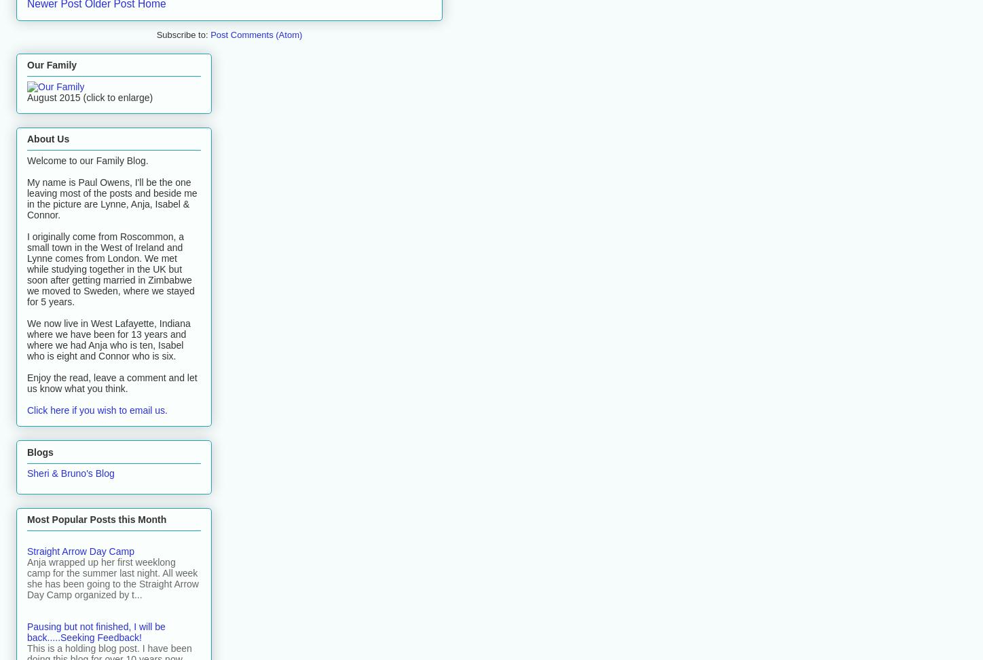 This screenshot has width=983, height=660. I want to click on 'Blogs', so click(39, 451).